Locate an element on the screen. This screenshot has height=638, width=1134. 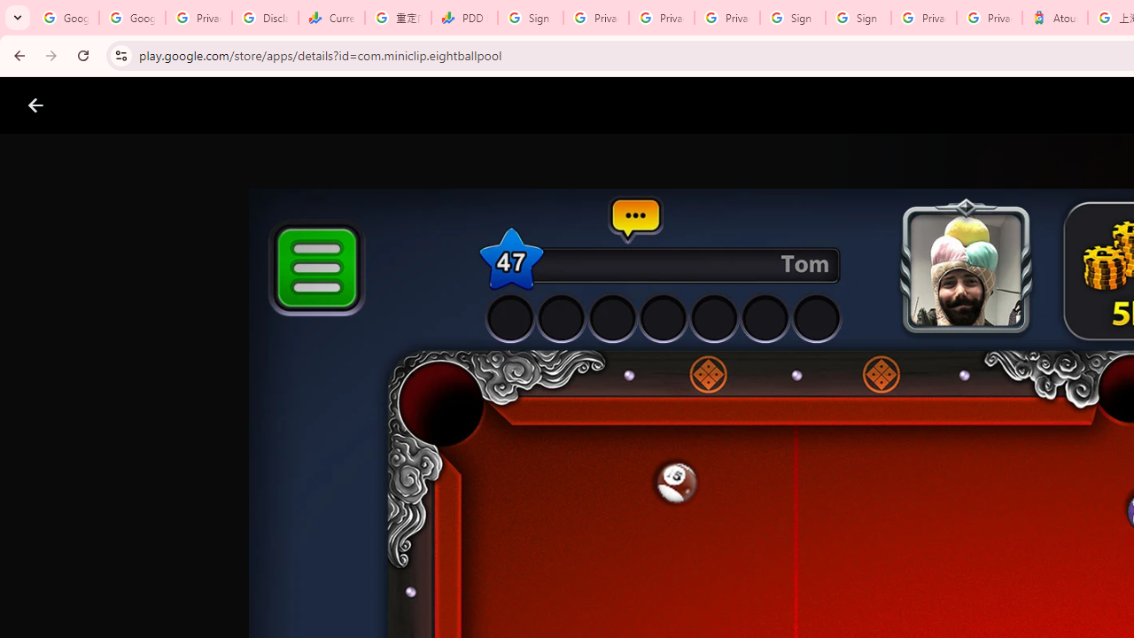
'Currencies - Google Finance' is located at coordinates (331, 18).